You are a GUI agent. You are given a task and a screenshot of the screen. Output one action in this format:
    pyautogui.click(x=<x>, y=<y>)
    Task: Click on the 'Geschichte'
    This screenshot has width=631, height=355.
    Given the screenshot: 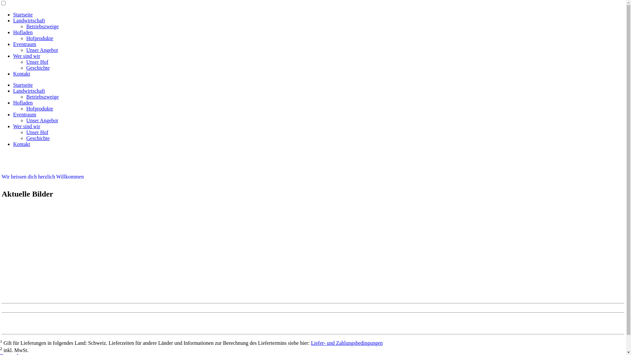 What is the action you would take?
    pyautogui.click(x=37, y=68)
    